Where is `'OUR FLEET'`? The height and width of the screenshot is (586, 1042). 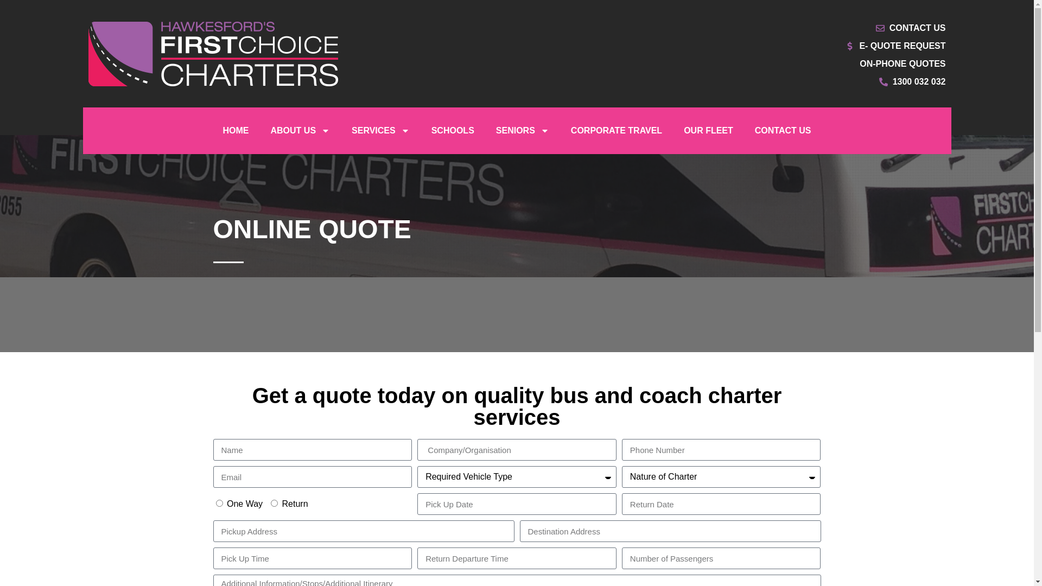 'OUR FLEET' is located at coordinates (708, 130).